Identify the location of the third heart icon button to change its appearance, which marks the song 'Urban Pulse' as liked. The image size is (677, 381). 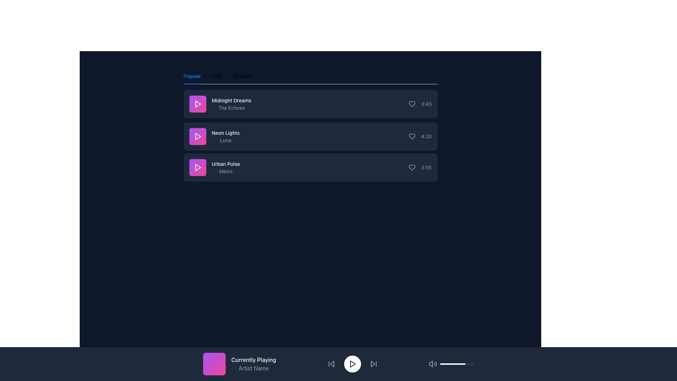
(412, 167).